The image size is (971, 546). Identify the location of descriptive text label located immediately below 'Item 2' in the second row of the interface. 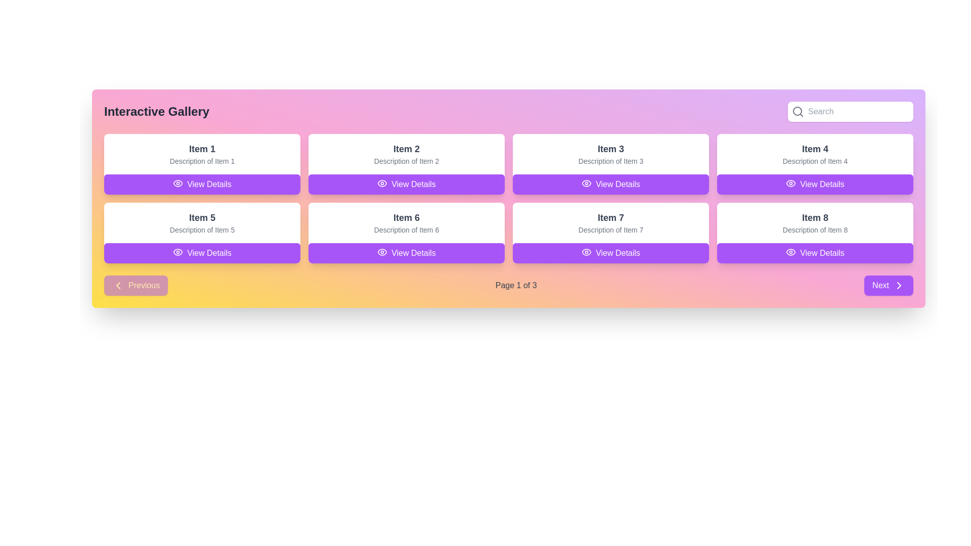
(407, 161).